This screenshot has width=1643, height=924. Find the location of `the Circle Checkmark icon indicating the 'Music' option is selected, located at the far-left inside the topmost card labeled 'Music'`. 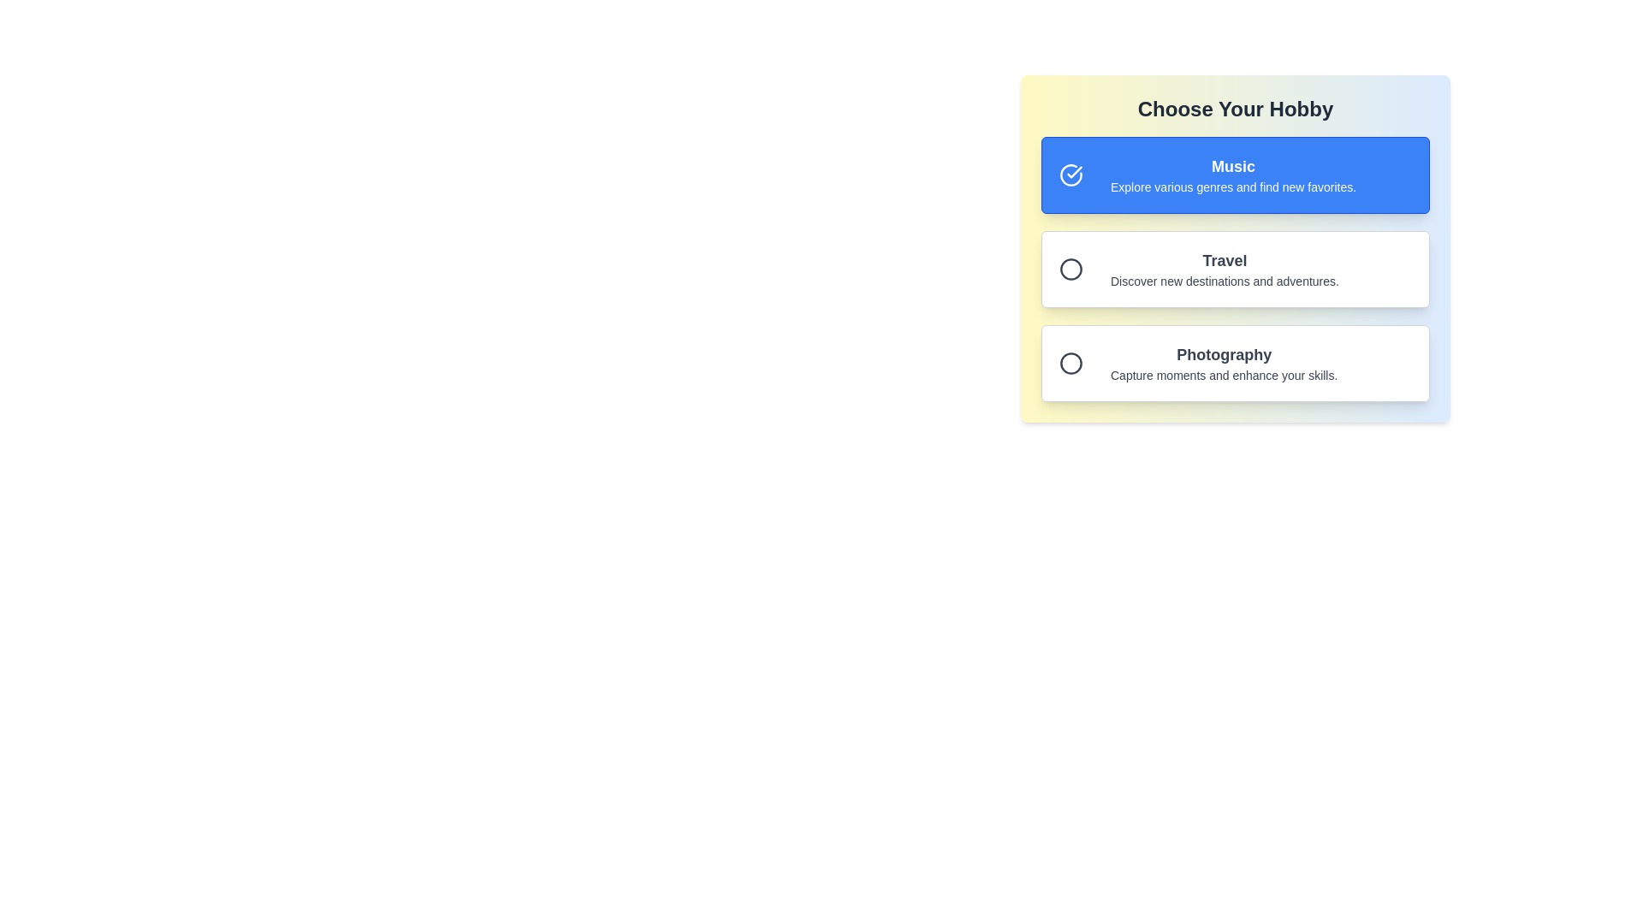

the Circle Checkmark icon indicating the 'Music' option is selected, located at the far-left inside the topmost card labeled 'Music' is located at coordinates (1071, 175).